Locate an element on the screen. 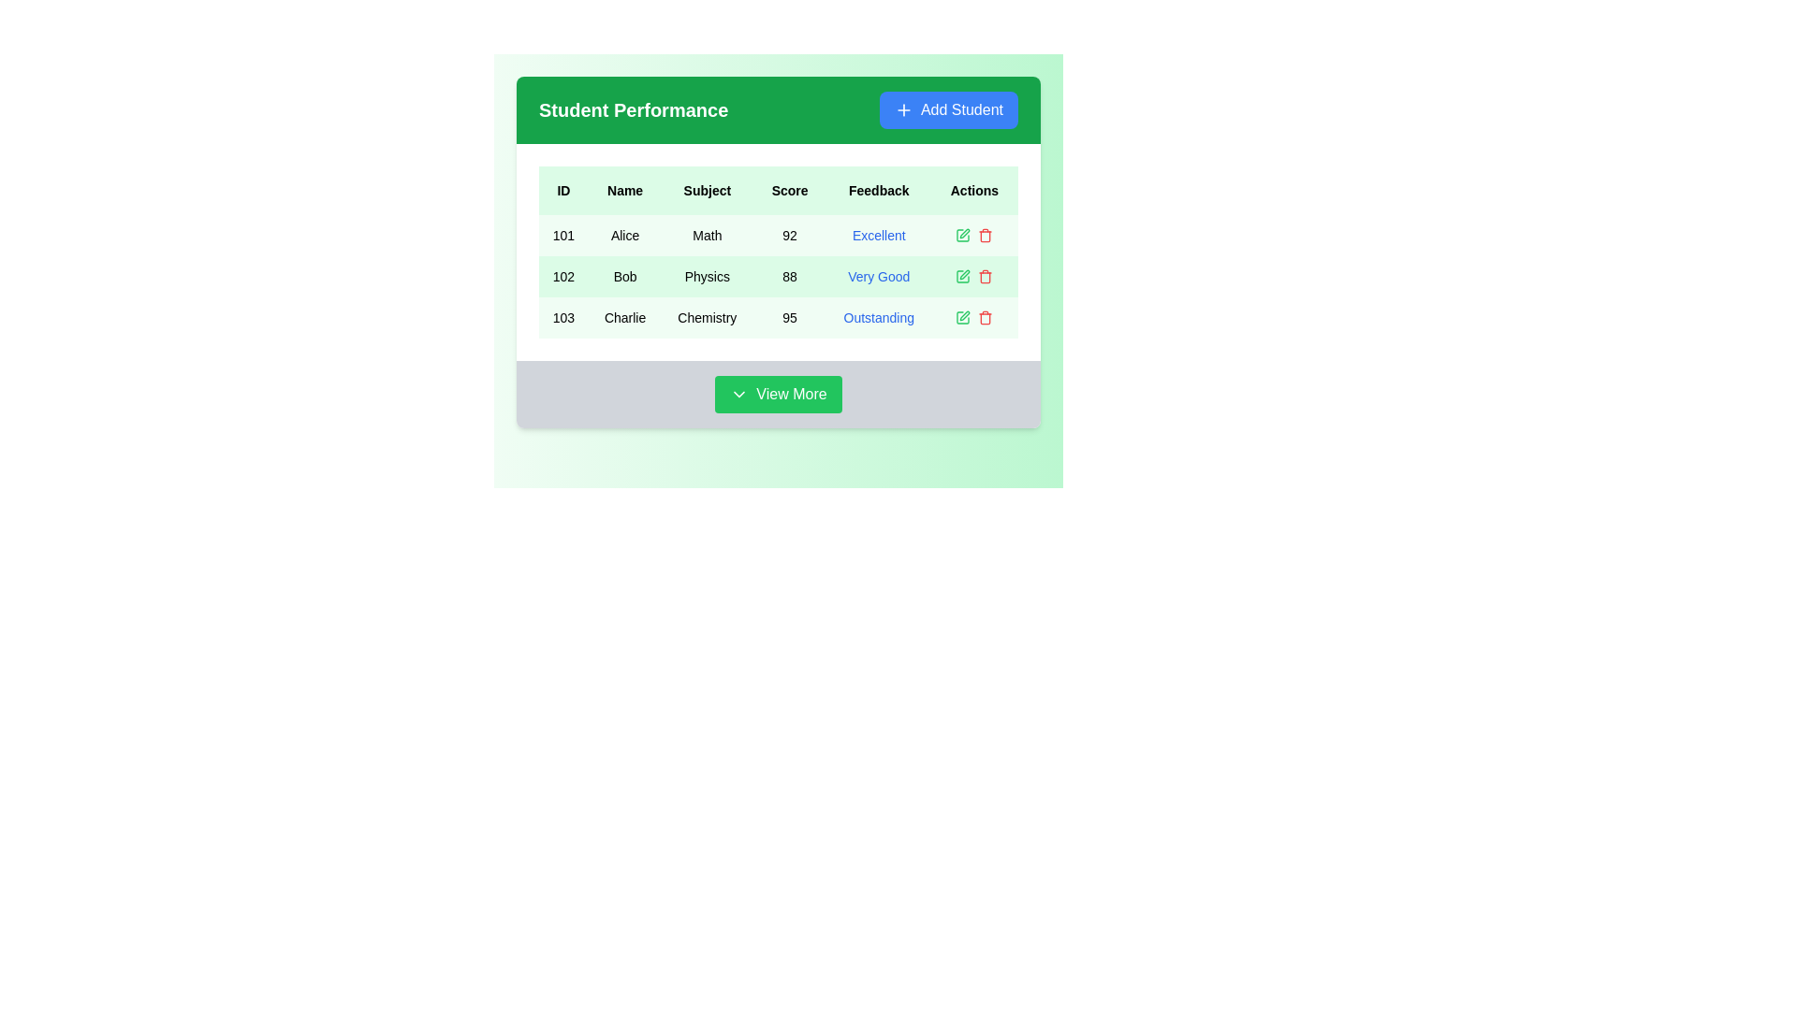 Image resolution: width=1797 pixels, height=1010 pixels. the 'ID' text label in the header of the table, which is the first item in the header row with a light green background is located at coordinates (562, 191).